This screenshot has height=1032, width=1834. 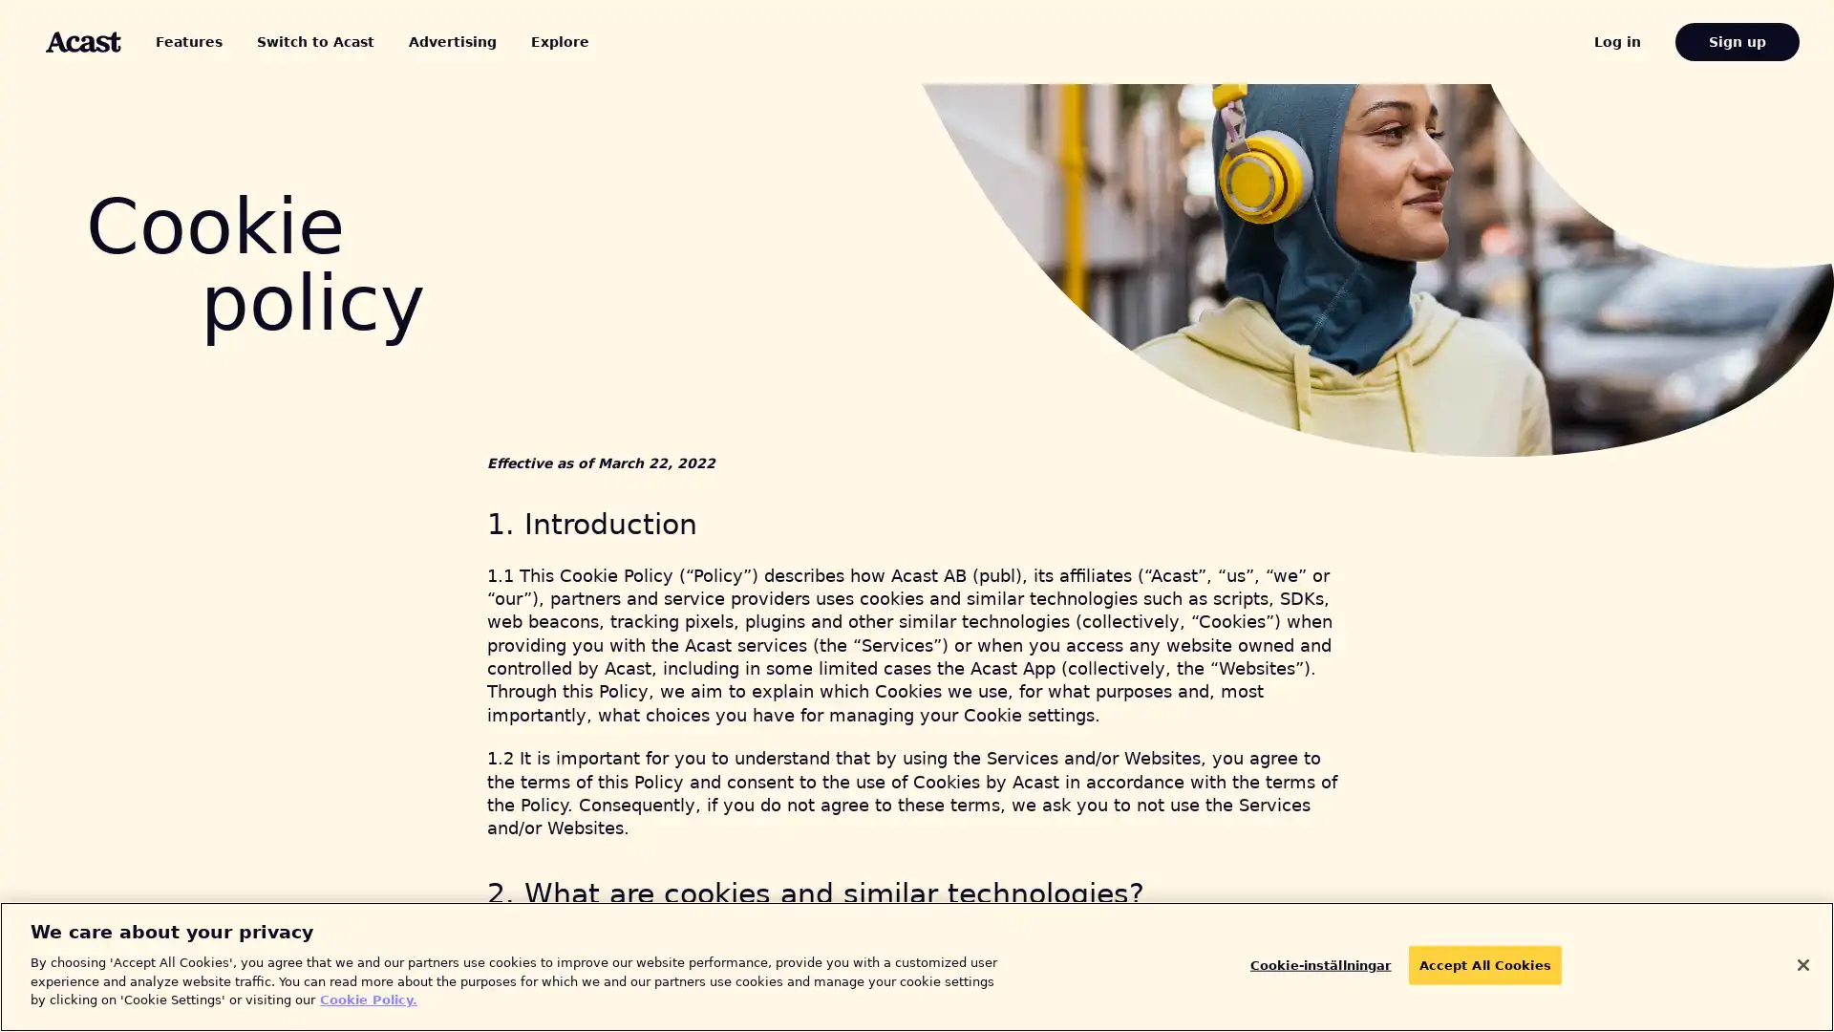 What do you see at coordinates (1785, 983) in the screenshot?
I see `Open Intercom Messenger` at bounding box center [1785, 983].